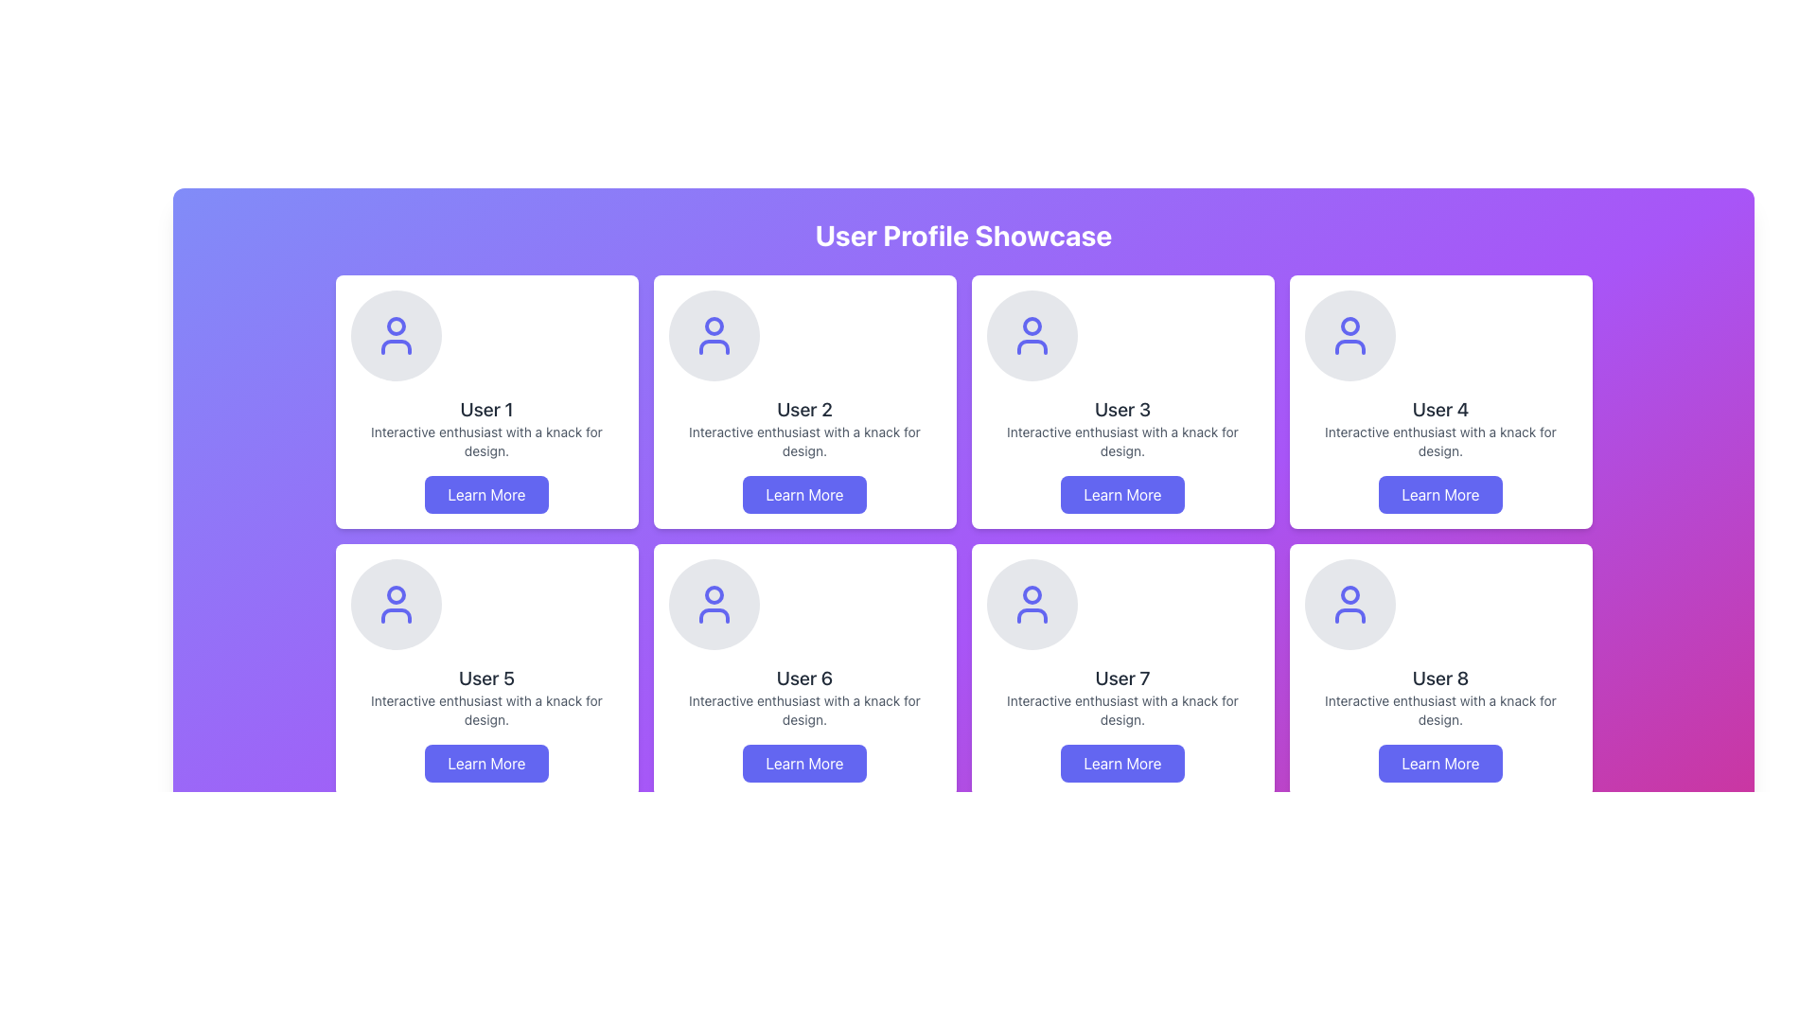  What do you see at coordinates (804, 678) in the screenshot?
I see `the text label displaying 'User 6' located in the bottom center of the card component within a 2x4 grid layout, positioned below an icon and above a descriptive text paragraph and a 'Learn More' button` at bounding box center [804, 678].